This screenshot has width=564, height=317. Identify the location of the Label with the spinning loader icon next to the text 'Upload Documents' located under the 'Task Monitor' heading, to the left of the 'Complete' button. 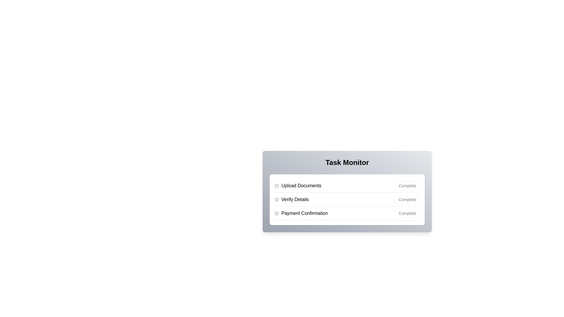
(298, 186).